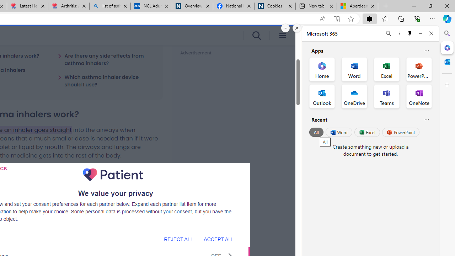 The height and width of the screenshot is (256, 455). I want to click on 'Cookies | About | NICE', so click(274, 6).